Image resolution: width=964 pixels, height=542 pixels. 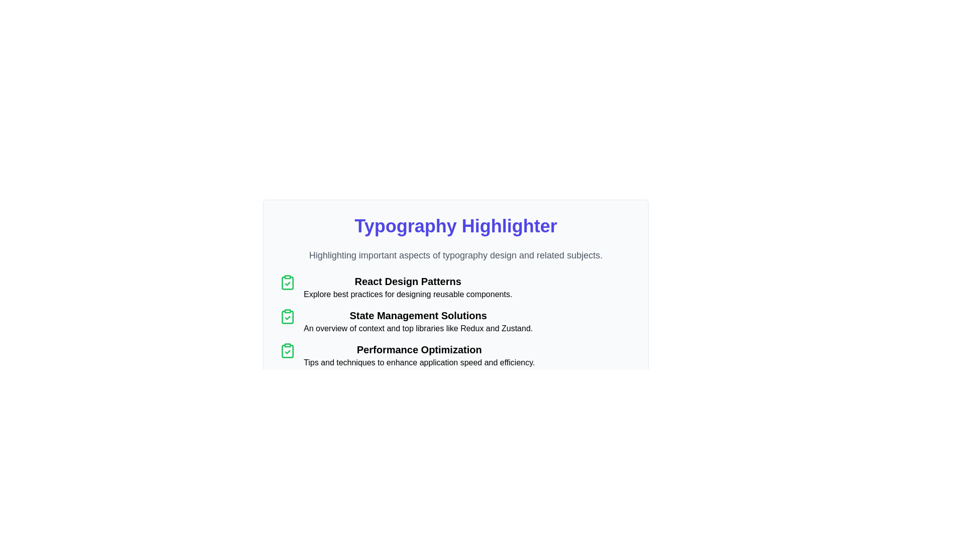 What do you see at coordinates (408, 288) in the screenshot?
I see `the title in the Text block that provides information or navigation related to the topic or feature, located below the heading 'Typography Highlighter' and to the right of a green icon` at bounding box center [408, 288].